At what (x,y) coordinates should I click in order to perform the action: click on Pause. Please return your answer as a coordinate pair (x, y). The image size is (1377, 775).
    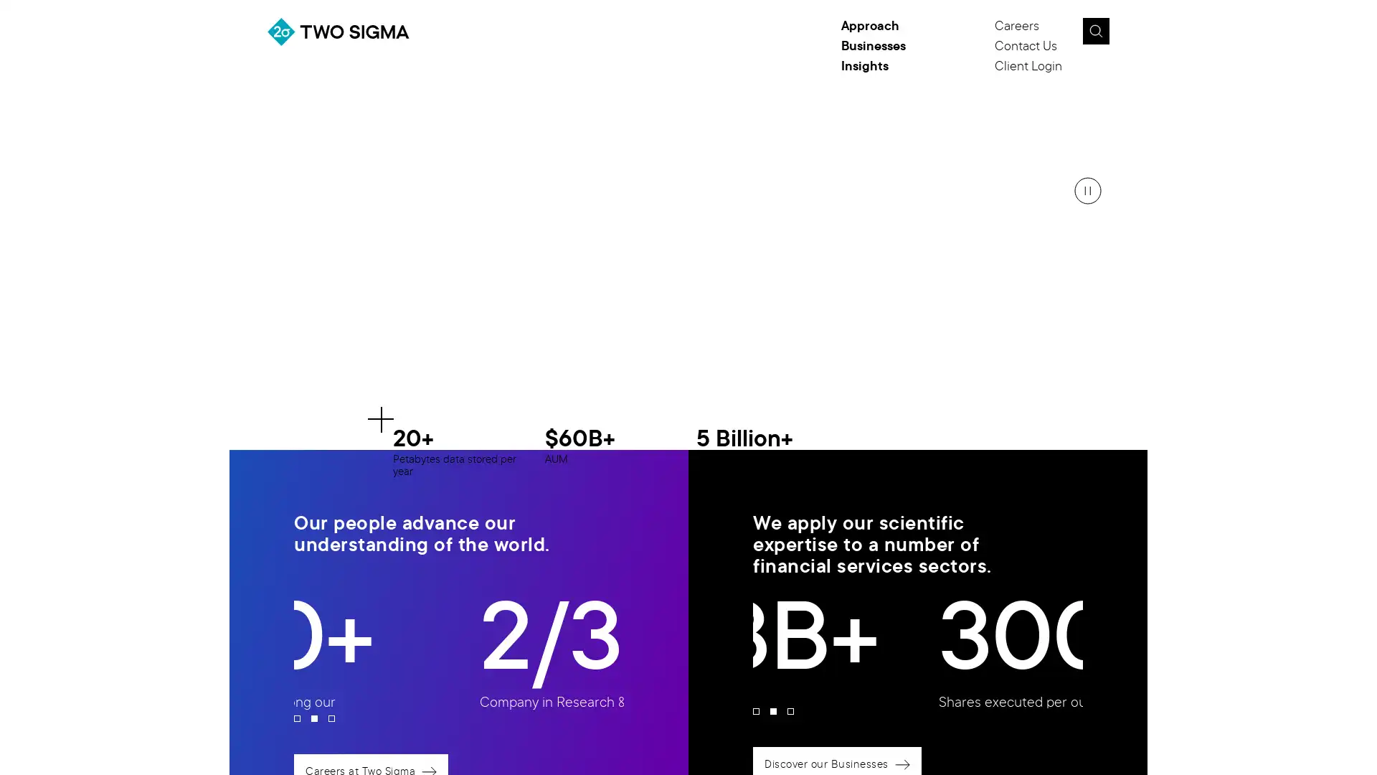
    Looking at the image, I should click on (1087, 190).